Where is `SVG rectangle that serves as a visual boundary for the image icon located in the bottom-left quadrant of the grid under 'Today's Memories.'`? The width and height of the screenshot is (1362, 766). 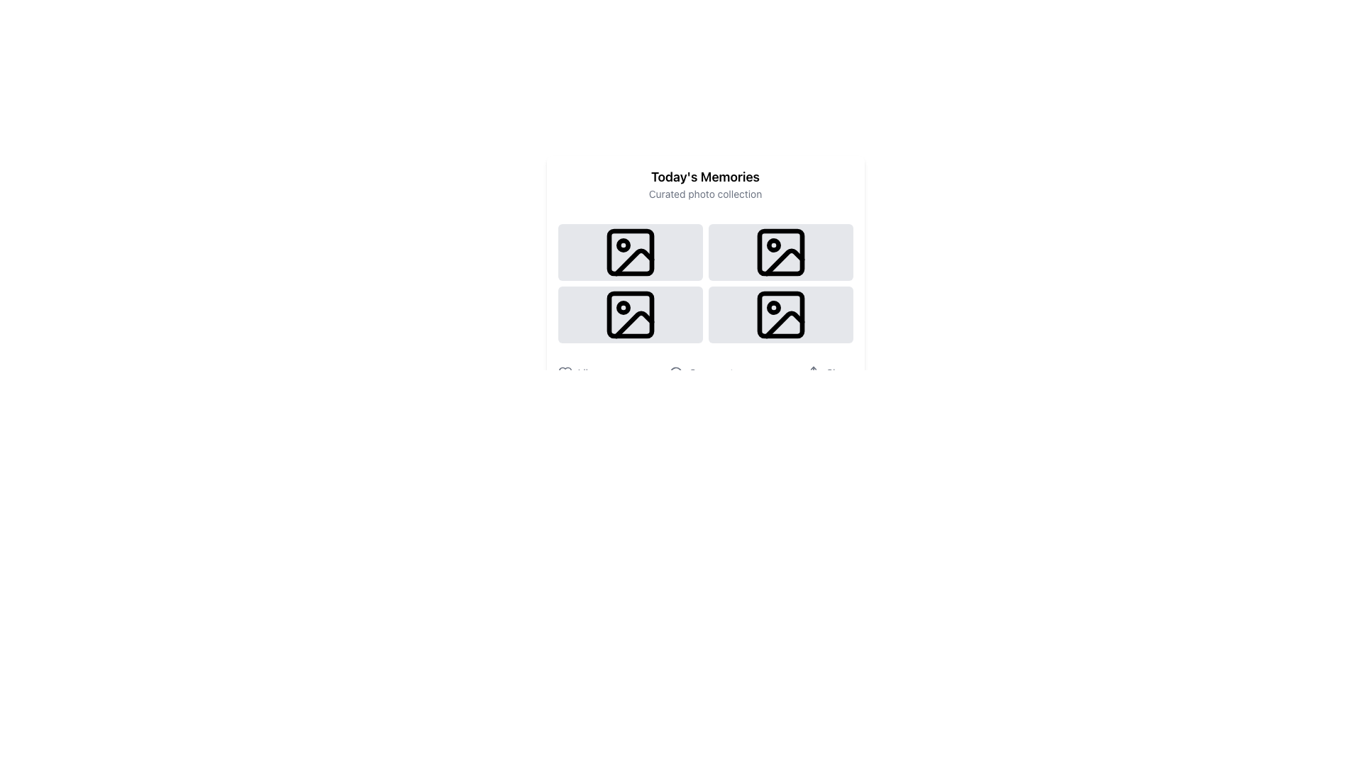
SVG rectangle that serves as a visual boundary for the image icon located in the bottom-left quadrant of the grid under 'Today's Memories.' is located at coordinates (629, 313).